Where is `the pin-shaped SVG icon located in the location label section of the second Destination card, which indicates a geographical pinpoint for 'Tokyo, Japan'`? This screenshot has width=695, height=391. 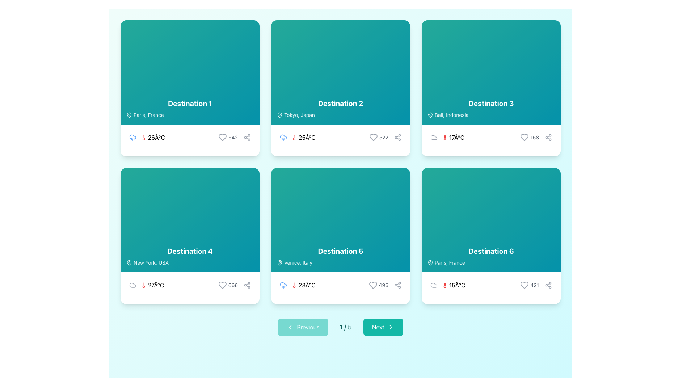
the pin-shaped SVG icon located in the location label section of the second Destination card, which indicates a geographical pinpoint for 'Tokyo, Japan' is located at coordinates (279, 114).